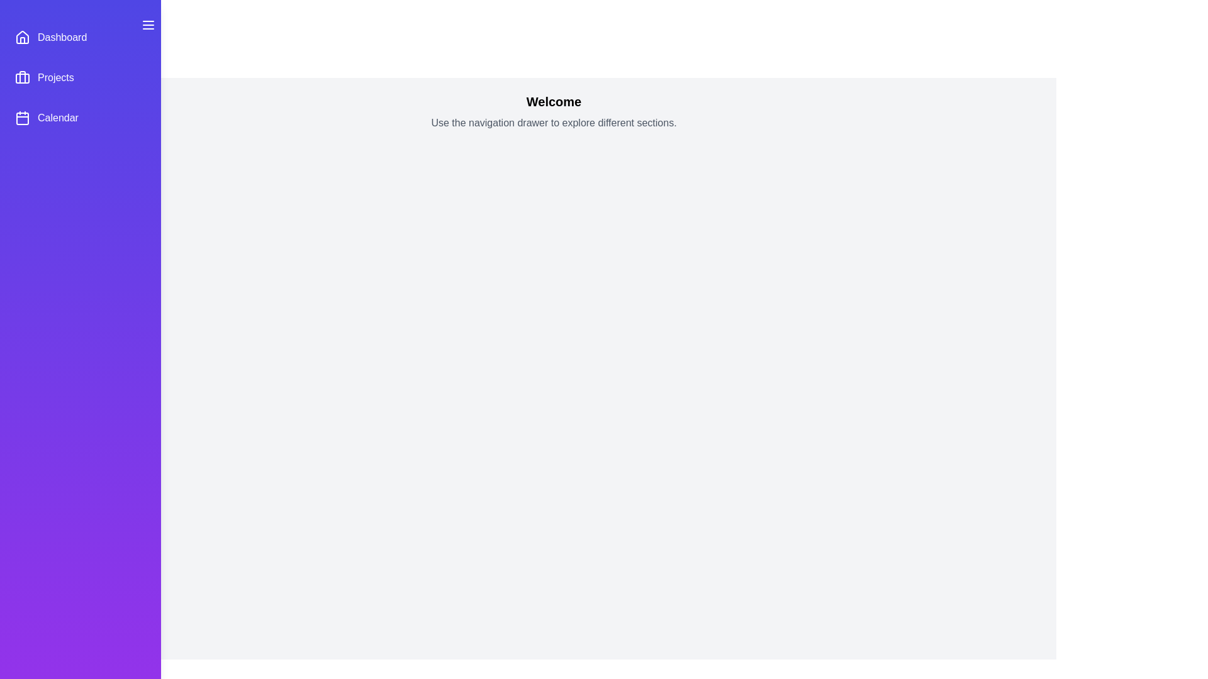 This screenshot has height=679, width=1208. What do you see at coordinates (80, 118) in the screenshot?
I see `the menu item Calendar from the drawer menu` at bounding box center [80, 118].